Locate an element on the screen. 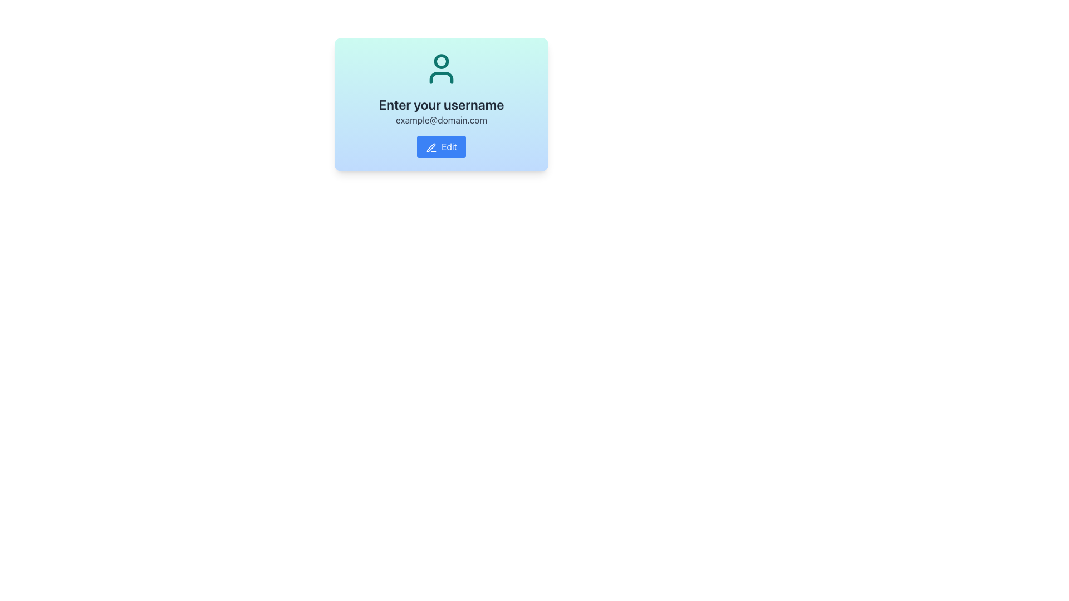 Image resolution: width=1069 pixels, height=601 pixels. the lower part of the user profile icon, which is part of an SVG icon located at the top of a card interface is located at coordinates (440, 77).